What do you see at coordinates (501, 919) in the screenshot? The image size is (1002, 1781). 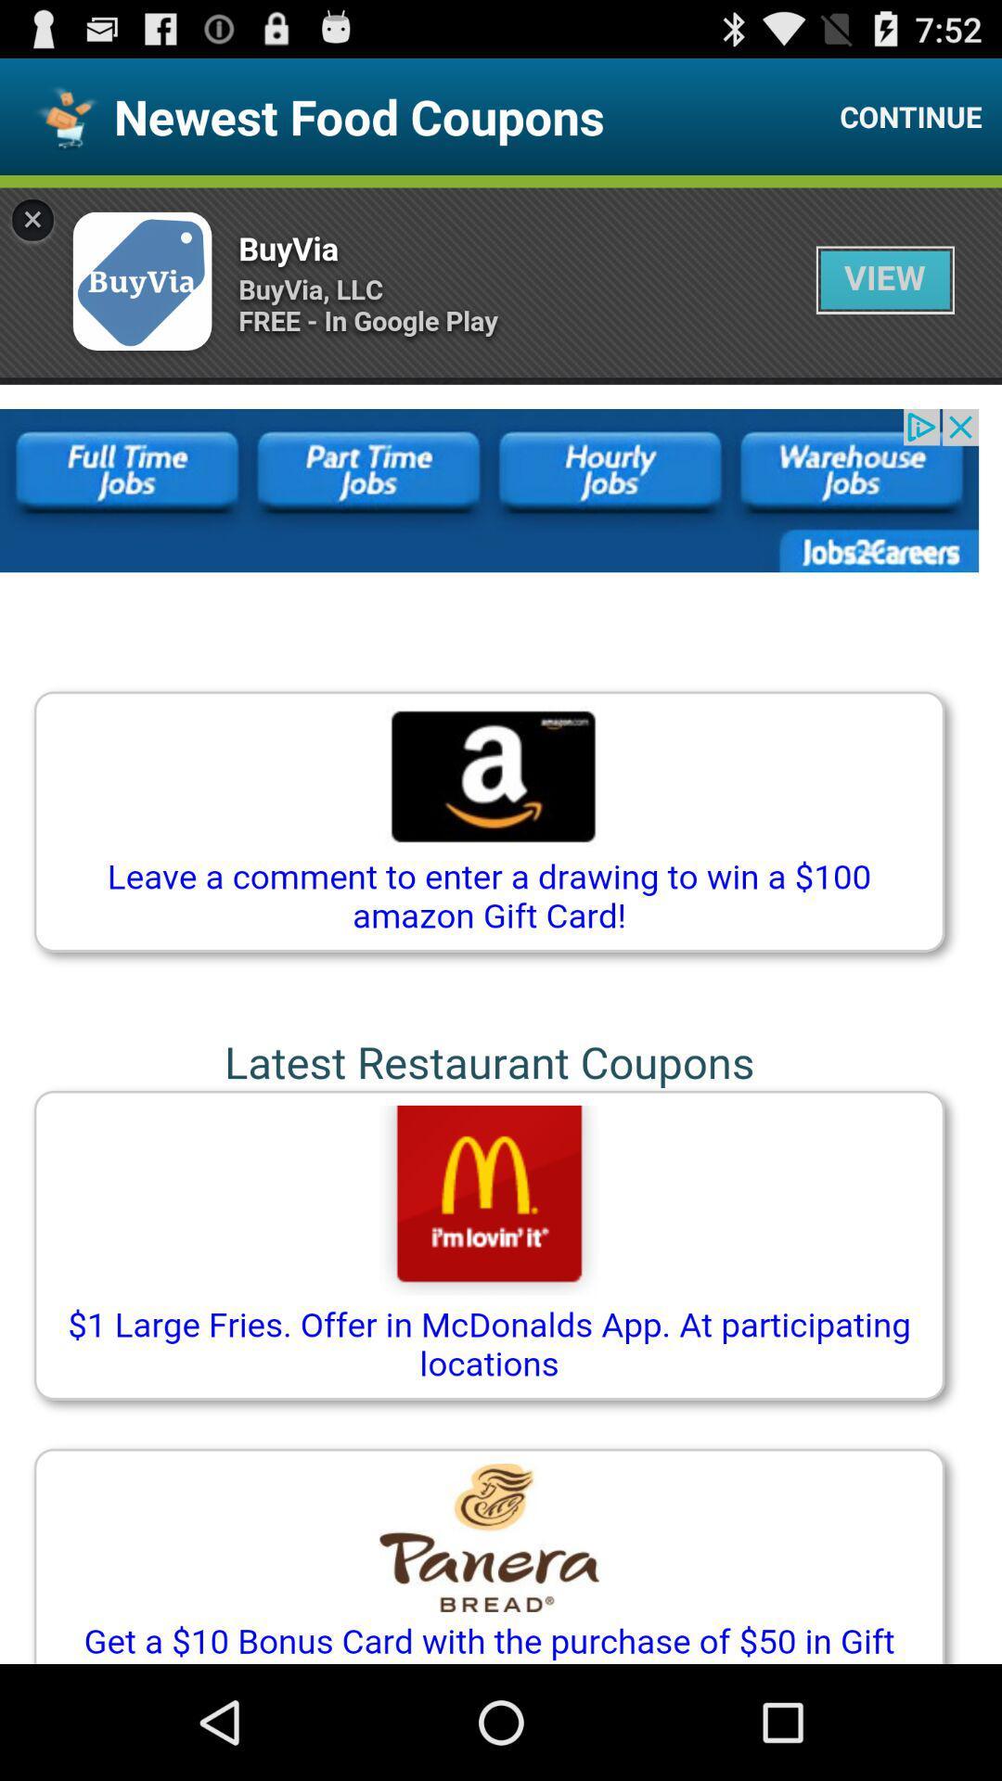 I see `coupons` at bounding box center [501, 919].